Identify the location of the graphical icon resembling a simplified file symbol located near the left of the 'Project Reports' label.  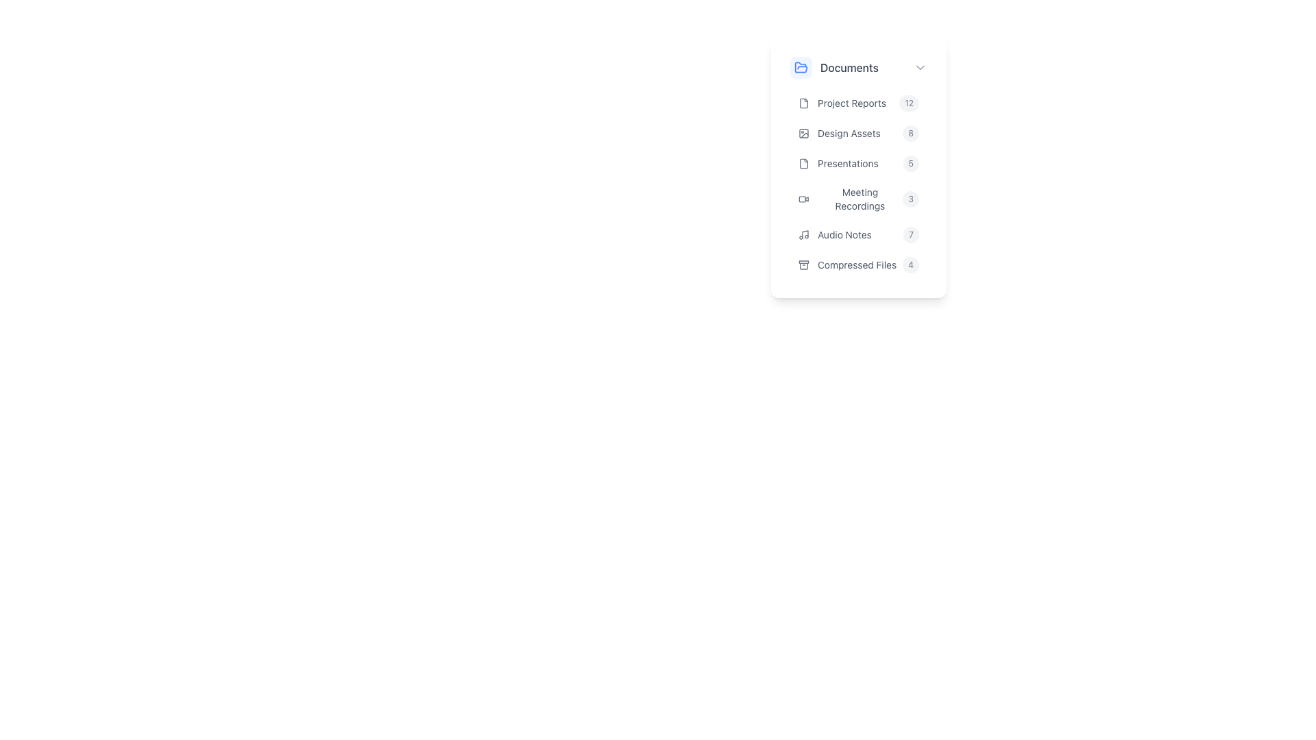
(803, 102).